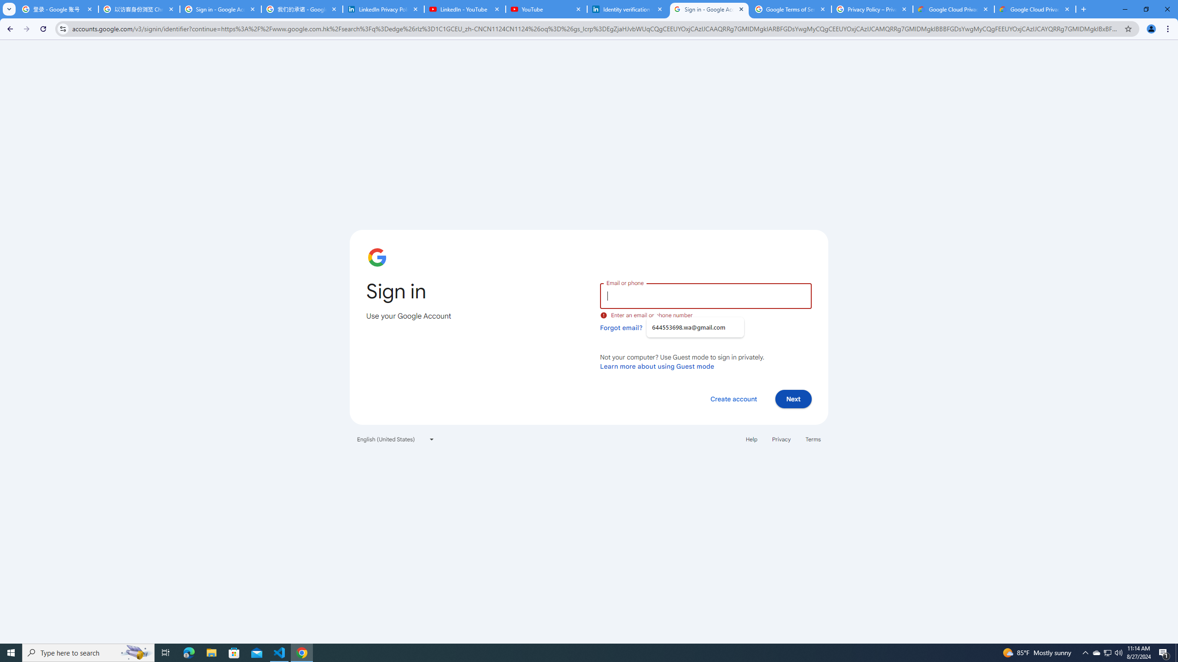 This screenshot has width=1178, height=662. I want to click on 'LinkedIn - YouTube', so click(465, 9).